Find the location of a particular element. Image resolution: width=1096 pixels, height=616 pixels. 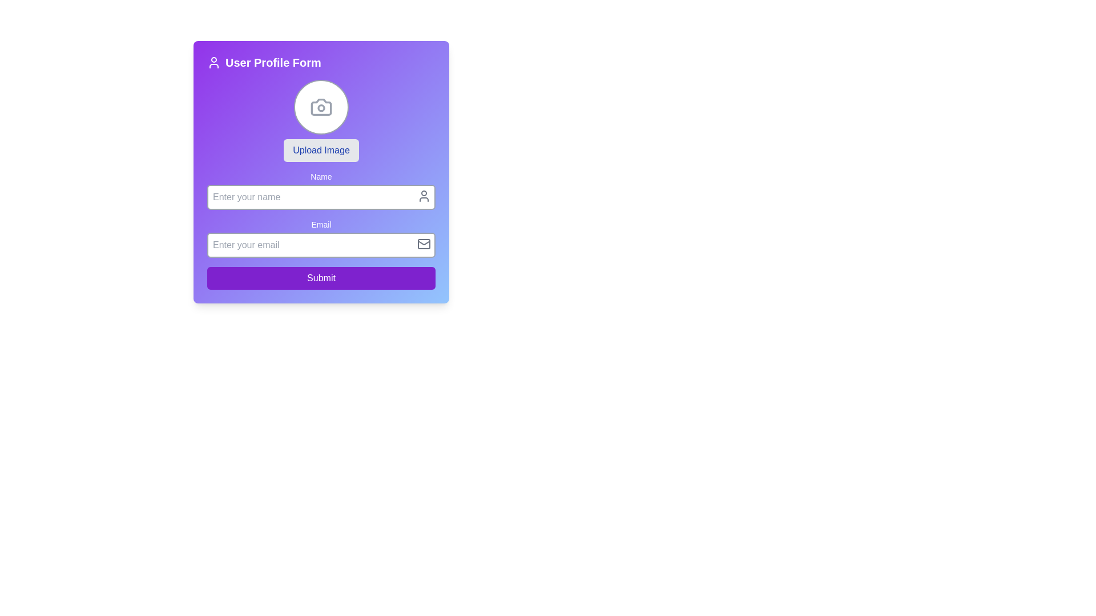

the text label displaying 'Name' which is positioned above the input field for entering the user's name, set against a purple gradient background is located at coordinates (320, 176).